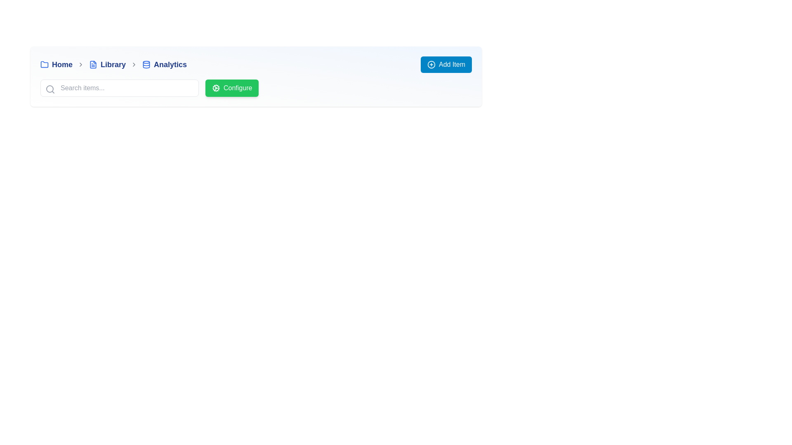 This screenshot has width=792, height=445. I want to click on the gray magnifying glass icon positioned in the top-left corner of the search bar, which serves as a visual indicator for the search functionality, so click(49, 89).